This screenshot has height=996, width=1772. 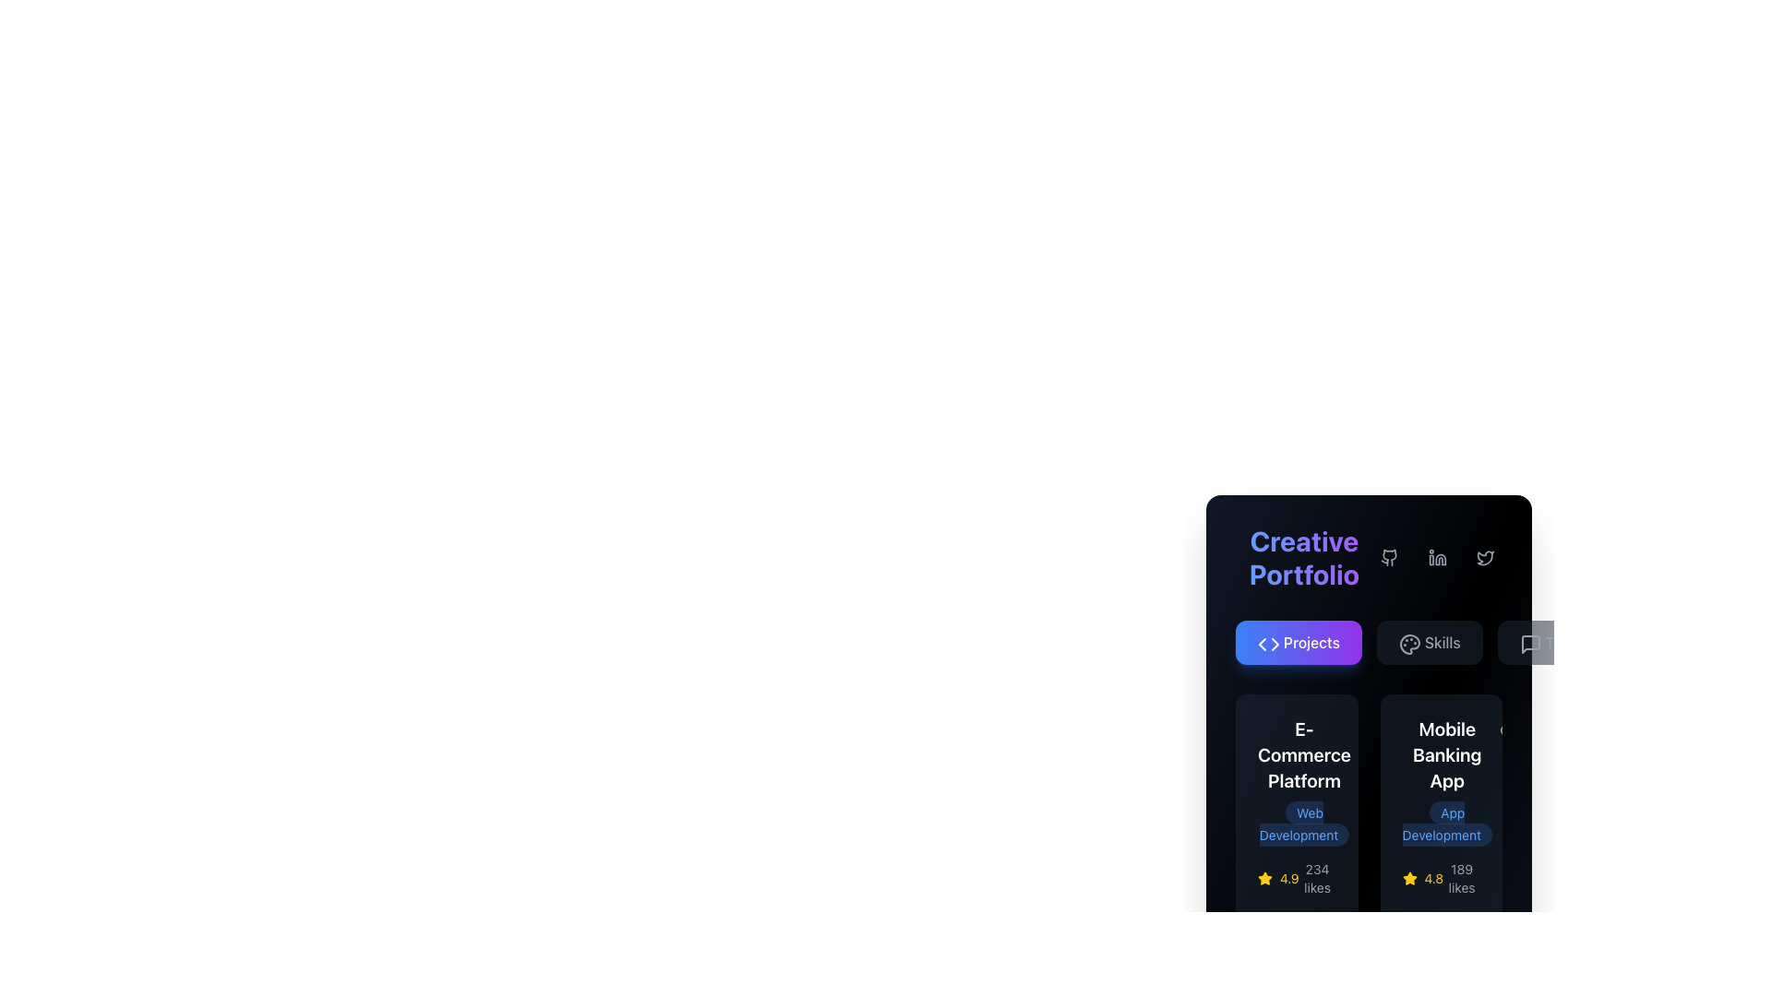 What do you see at coordinates (1437, 557) in the screenshot?
I see `the LinkedIn icon, which is a white outlined symbol on a dark background, positioned between GitHub and Twitter icons` at bounding box center [1437, 557].